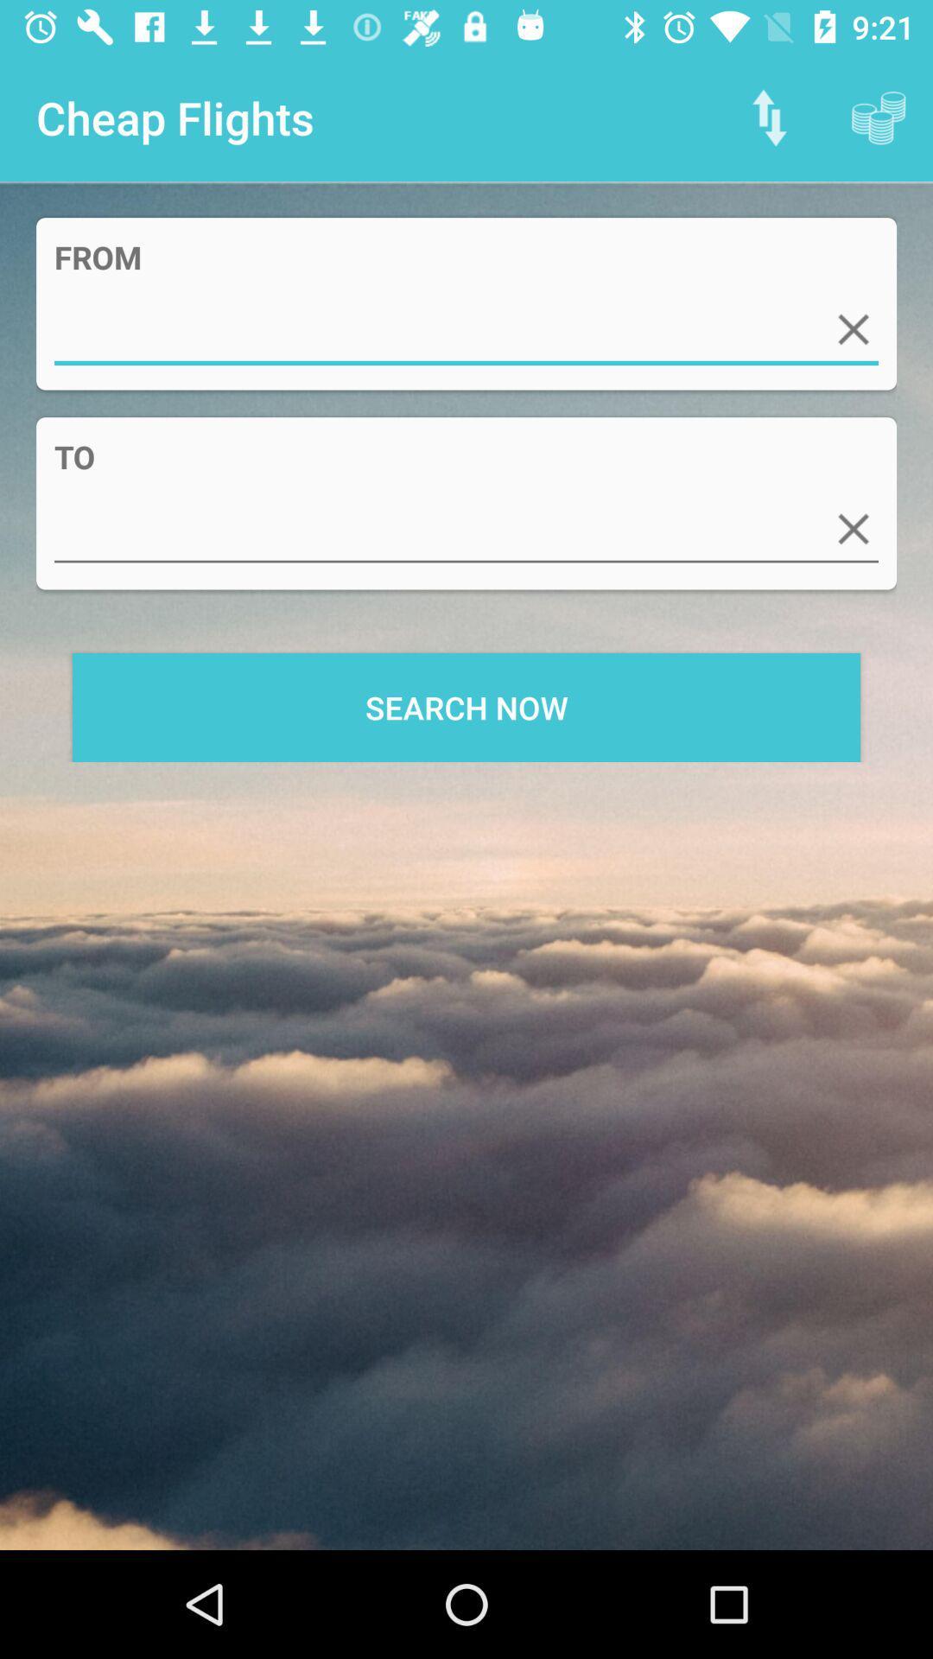  Describe the element at coordinates (466, 329) in the screenshot. I see `item above the to app` at that location.